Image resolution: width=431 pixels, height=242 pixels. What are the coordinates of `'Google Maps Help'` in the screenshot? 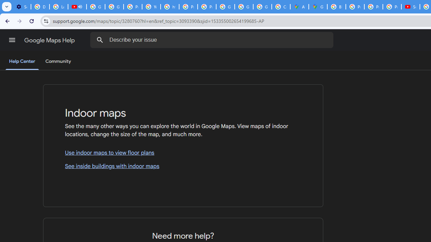 It's located at (50, 40).